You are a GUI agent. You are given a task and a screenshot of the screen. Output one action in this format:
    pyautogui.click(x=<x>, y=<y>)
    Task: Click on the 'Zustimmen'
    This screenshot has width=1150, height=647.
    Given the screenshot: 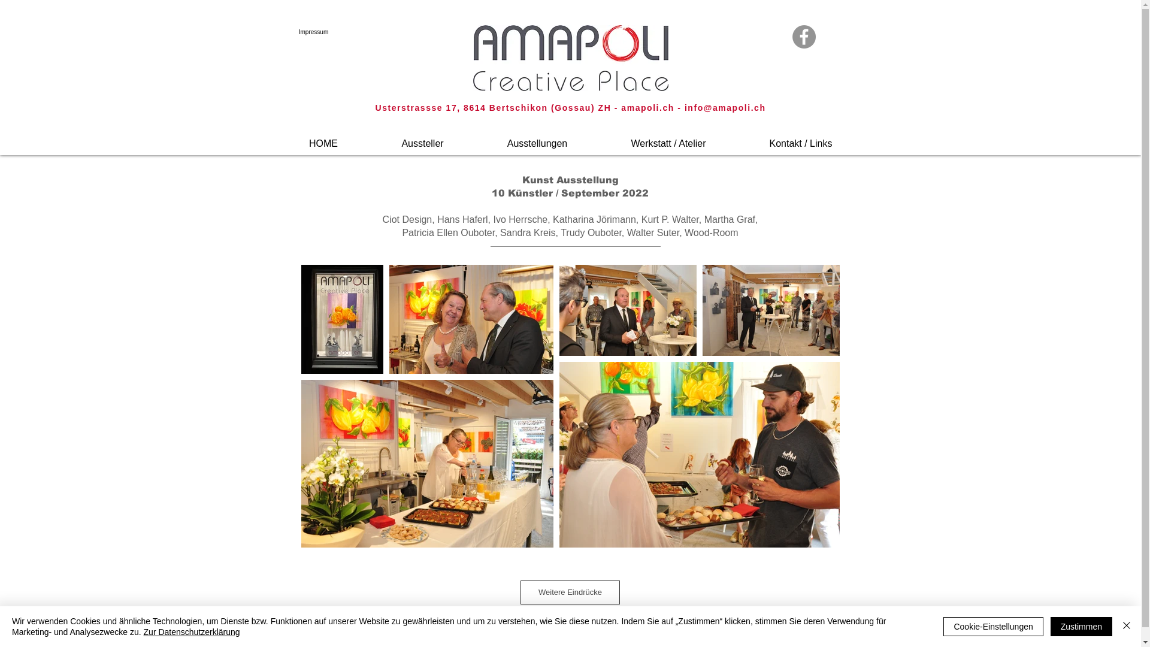 What is the action you would take?
    pyautogui.click(x=1081, y=625)
    